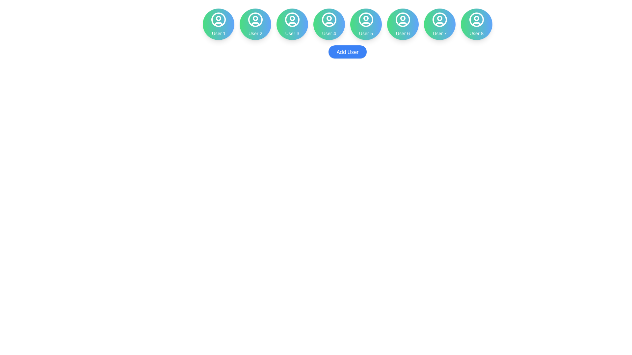  Describe the element at coordinates (347, 52) in the screenshot. I see `the button located below the row of circular user icons, which is centered horizontally with respect to the row, to initiate user creation` at that location.